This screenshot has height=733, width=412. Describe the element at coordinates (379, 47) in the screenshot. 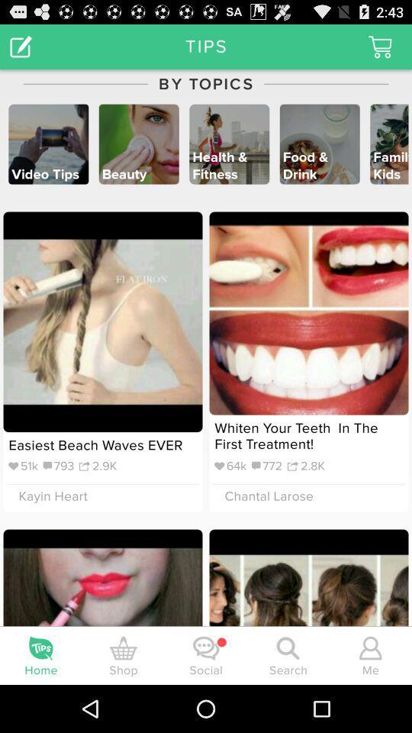

I see `basket` at that location.